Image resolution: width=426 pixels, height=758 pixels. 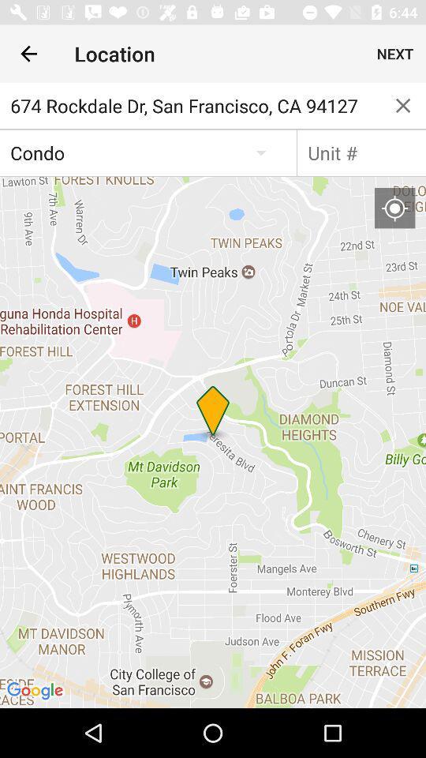 What do you see at coordinates (403, 104) in the screenshot?
I see `clear text` at bounding box center [403, 104].